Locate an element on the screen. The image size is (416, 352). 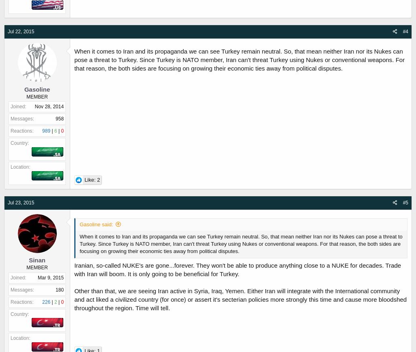
'Sinan' is located at coordinates (28, 260).